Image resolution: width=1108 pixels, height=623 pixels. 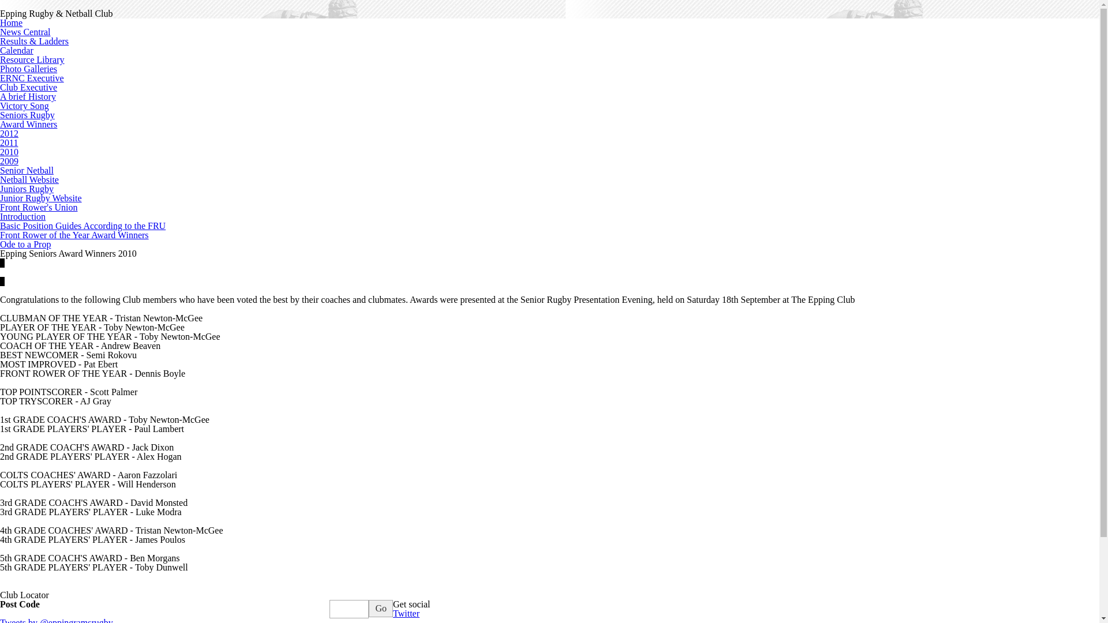 I want to click on '2011', so click(x=9, y=142).